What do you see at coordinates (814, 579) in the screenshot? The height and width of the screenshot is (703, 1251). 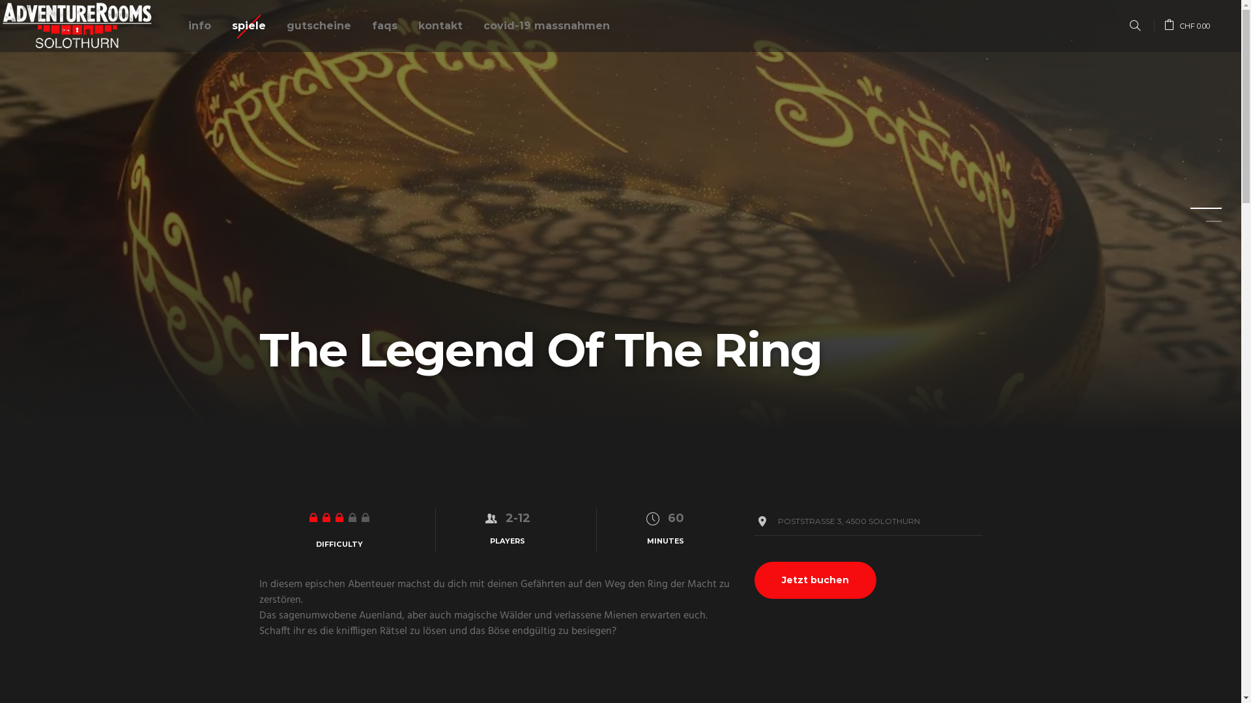 I see `'Jetzt buchen'` at bounding box center [814, 579].